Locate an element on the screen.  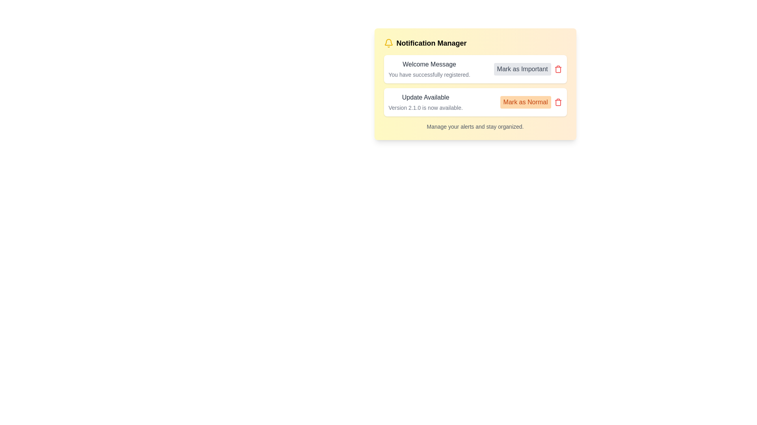
the 'Notification Manager' bold text label is located at coordinates (431, 43).